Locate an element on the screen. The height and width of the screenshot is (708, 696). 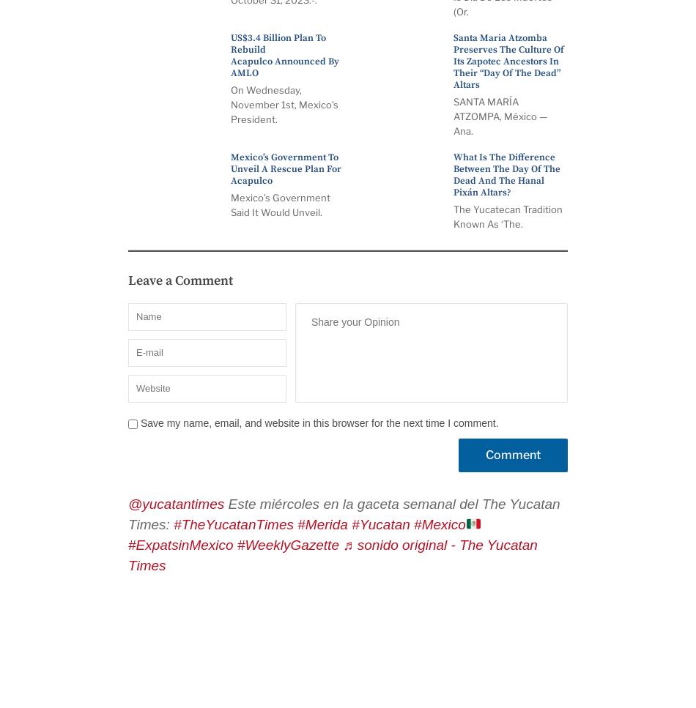
'Santa Maria Atzomba preserves the culture of its Zapotec ancestors in their “Day of the Dead” altars' is located at coordinates (508, 62).